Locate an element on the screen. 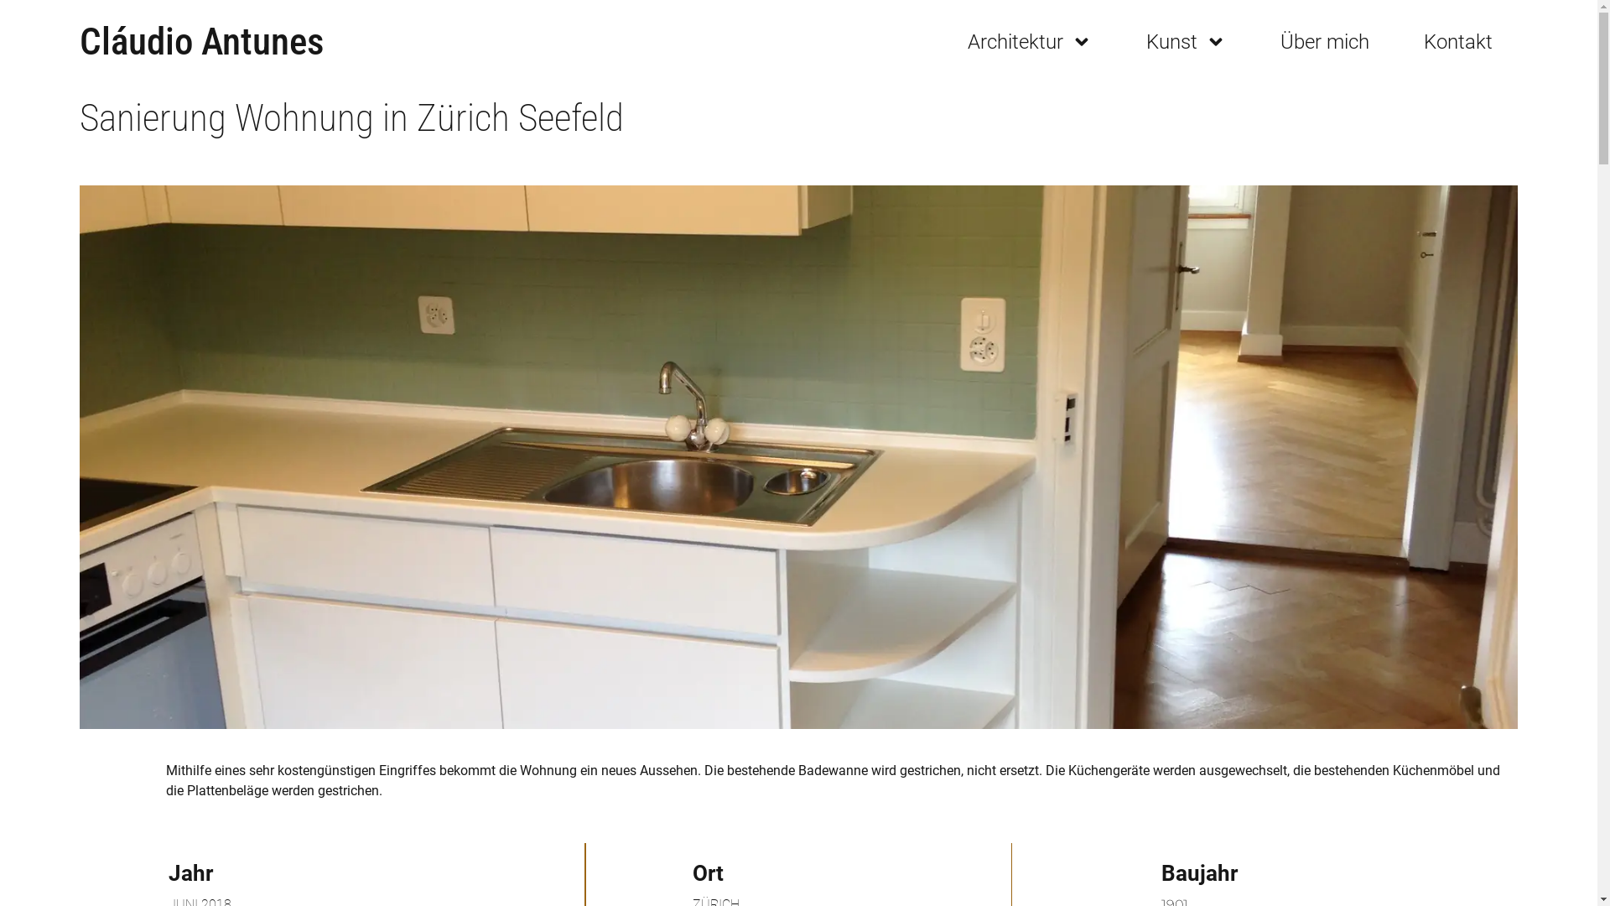 This screenshot has width=1610, height=906. 'Kontakt' is located at coordinates (1457, 41).